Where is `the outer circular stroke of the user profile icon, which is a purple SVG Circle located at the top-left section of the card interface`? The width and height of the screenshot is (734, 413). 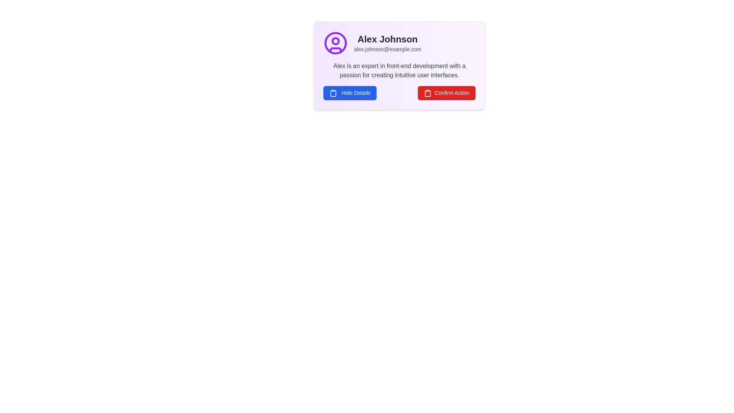 the outer circular stroke of the user profile icon, which is a purple SVG Circle located at the top-left section of the card interface is located at coordinates (336, 43).